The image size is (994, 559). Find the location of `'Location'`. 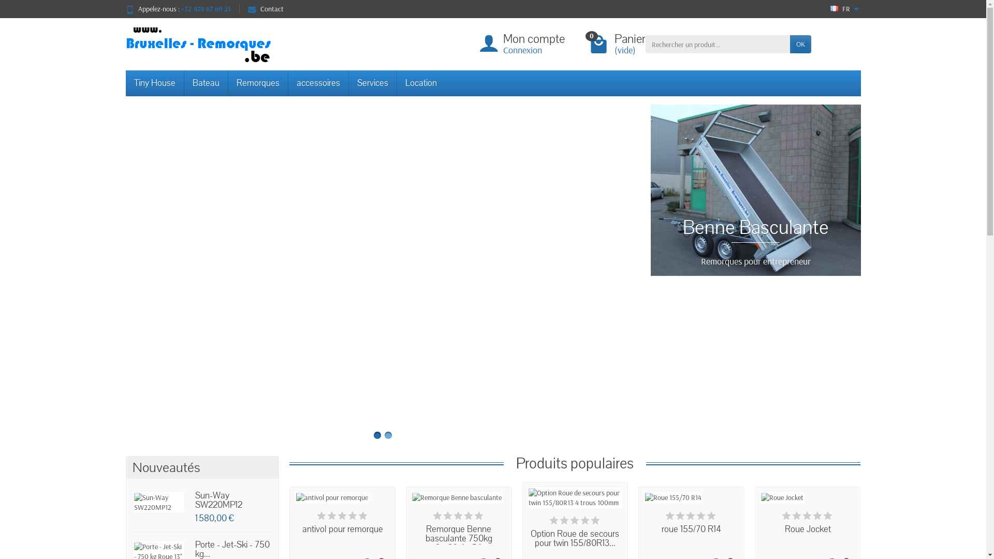

'Location' is located at coordinates (420, 83).